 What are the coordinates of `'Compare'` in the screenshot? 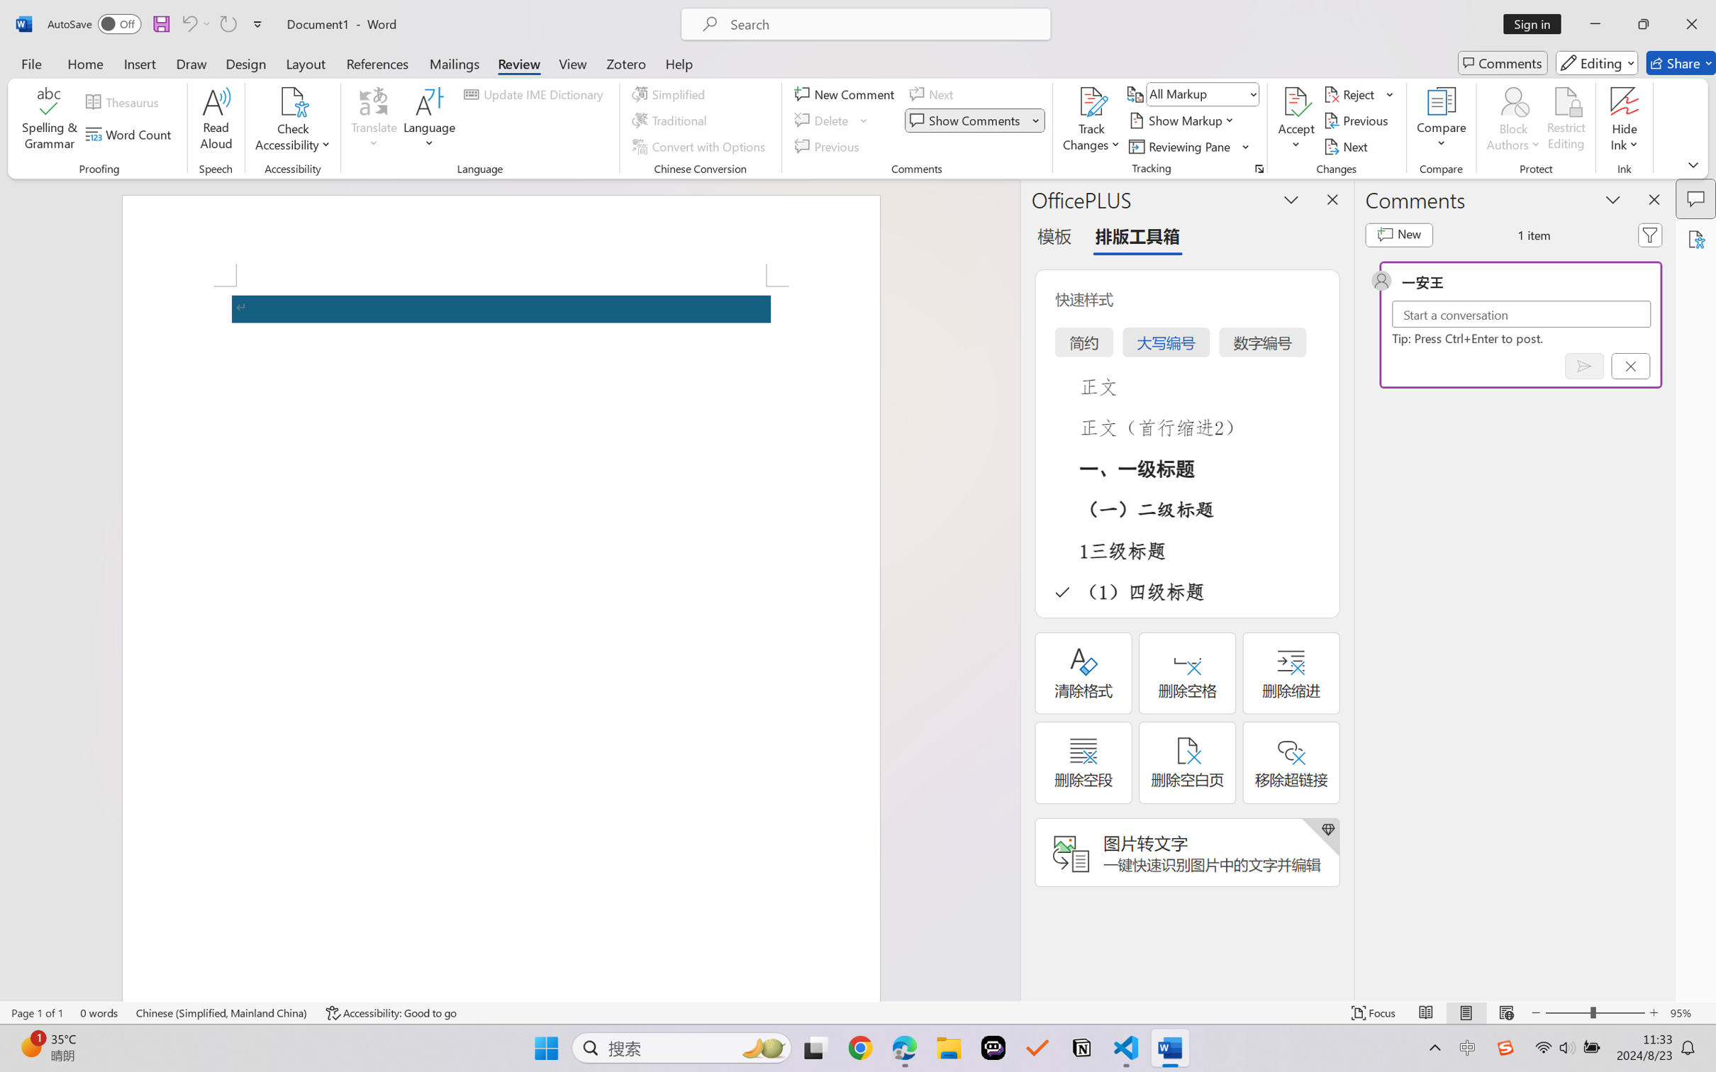 It's located at (1442, 121).